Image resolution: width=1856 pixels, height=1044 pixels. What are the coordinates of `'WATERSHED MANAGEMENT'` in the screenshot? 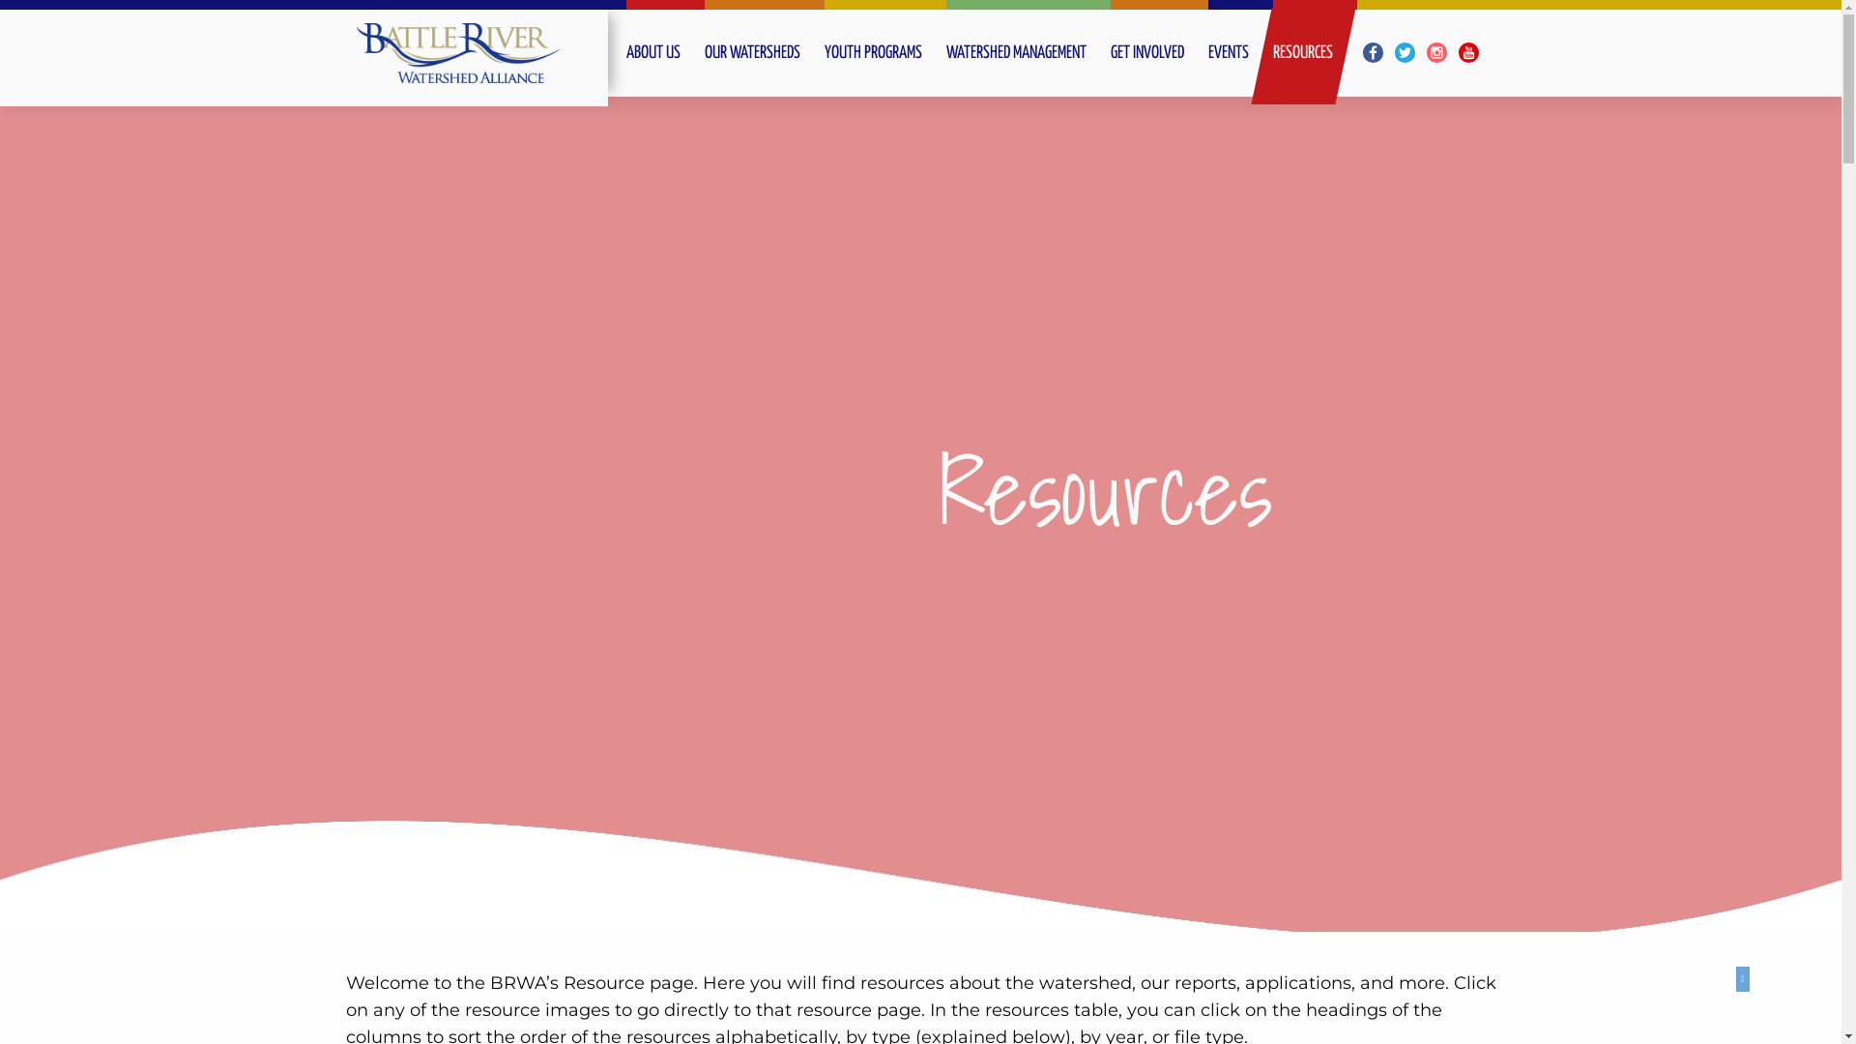 It's located at (946, 51).